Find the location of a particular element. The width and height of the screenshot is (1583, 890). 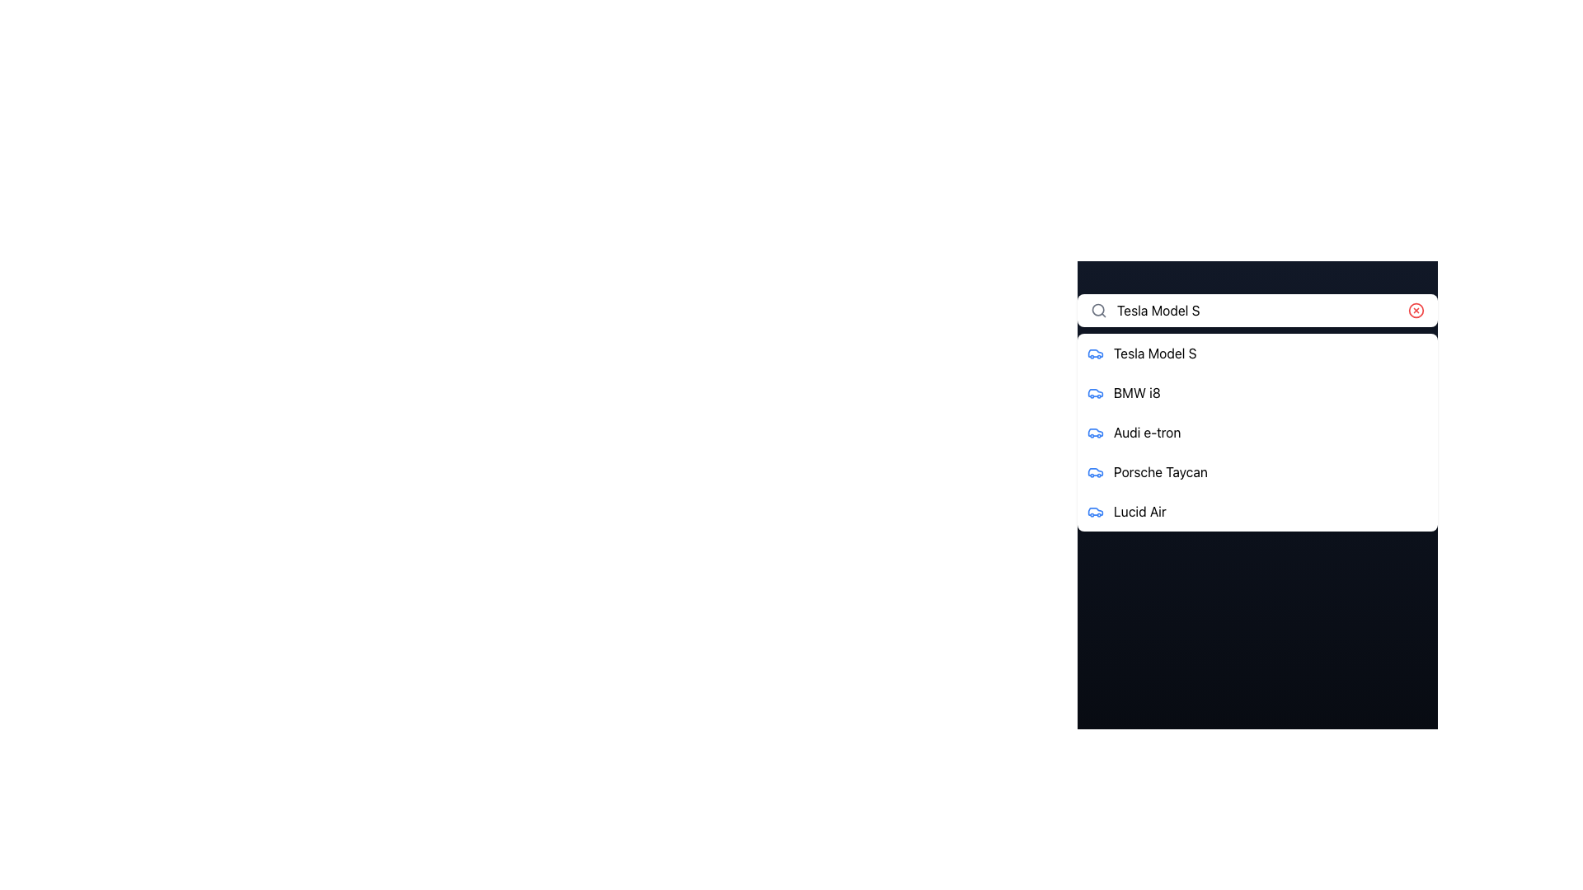

the blue car icon preceding the text 'Lucid Air', which is the fifth icon in the dropdown list of car options is located at coordinates (1096, 511).